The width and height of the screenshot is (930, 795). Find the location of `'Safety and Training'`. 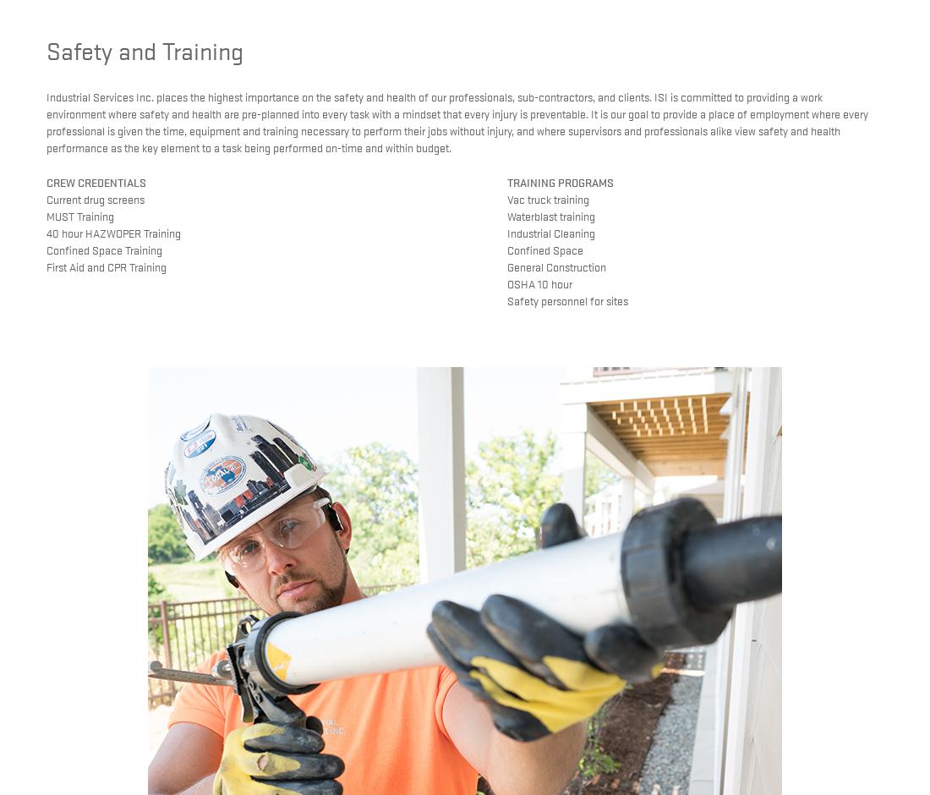

'Safety and Training' is located at coordinates (144, 48).